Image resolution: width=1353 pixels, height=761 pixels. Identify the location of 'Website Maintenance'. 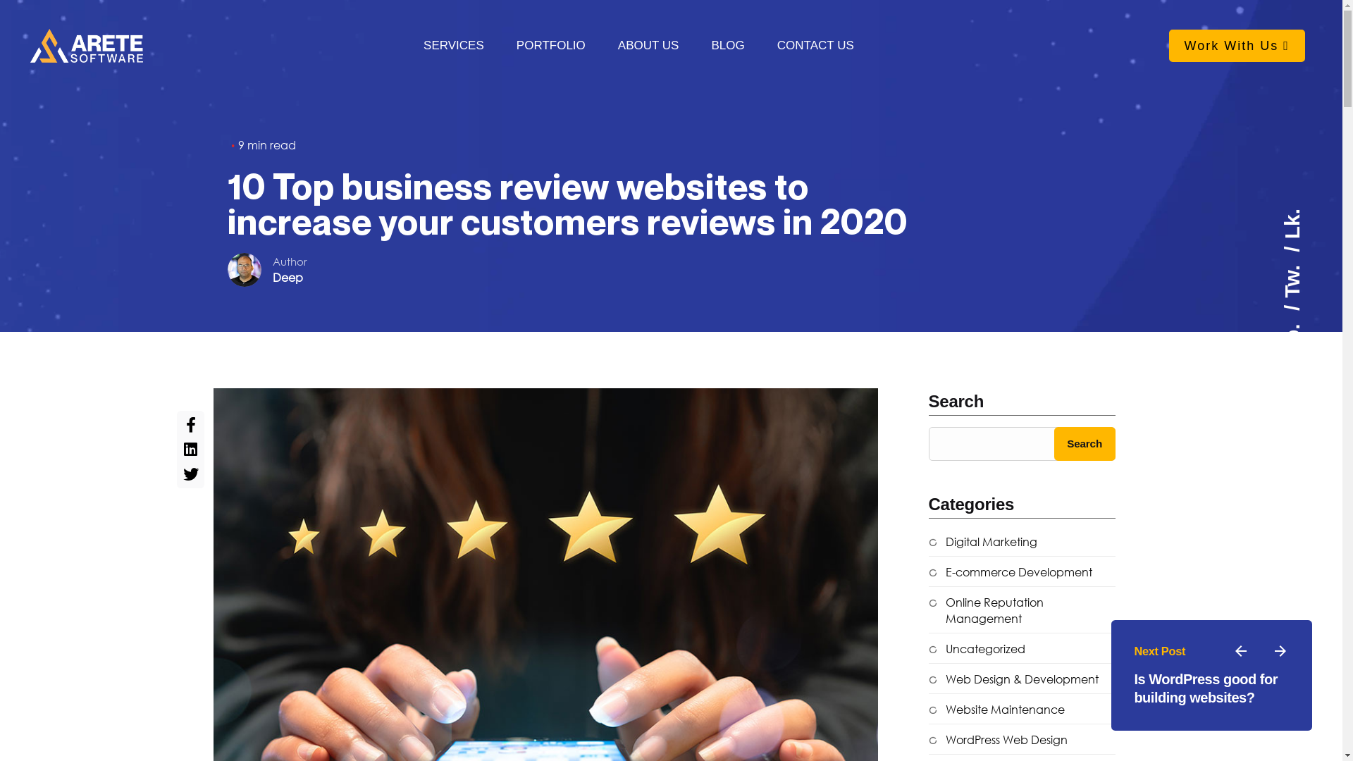
(929, 710).